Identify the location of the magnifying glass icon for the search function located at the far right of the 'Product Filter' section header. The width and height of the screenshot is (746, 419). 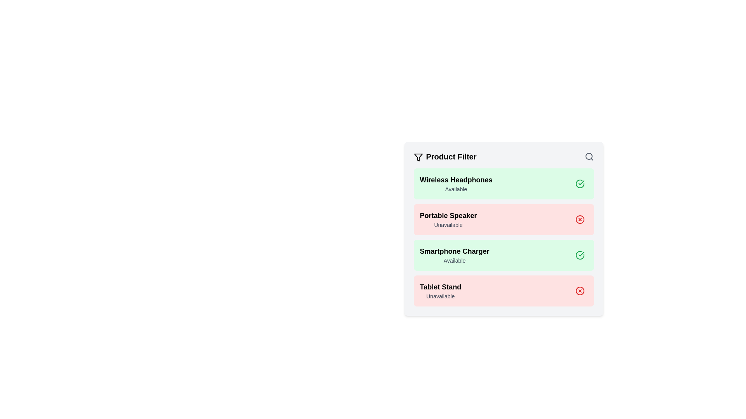
(589, 157).